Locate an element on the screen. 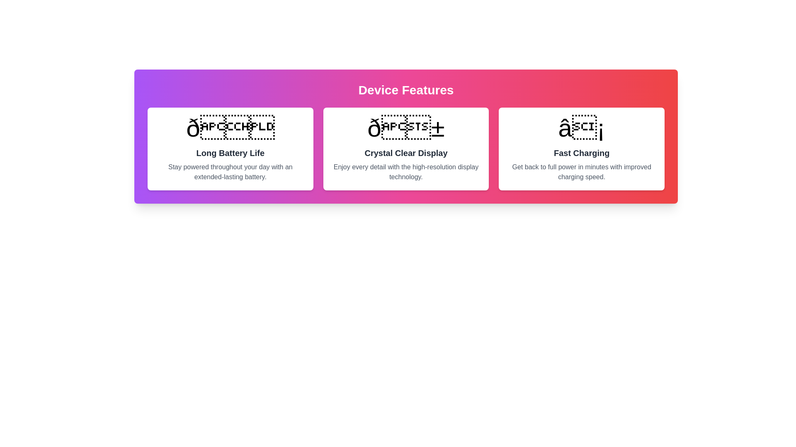  the text label displaying 'Long Battery Life', which is prominently styled in dark gray and significantly larger than standard text is located at coordinates (230, 153).